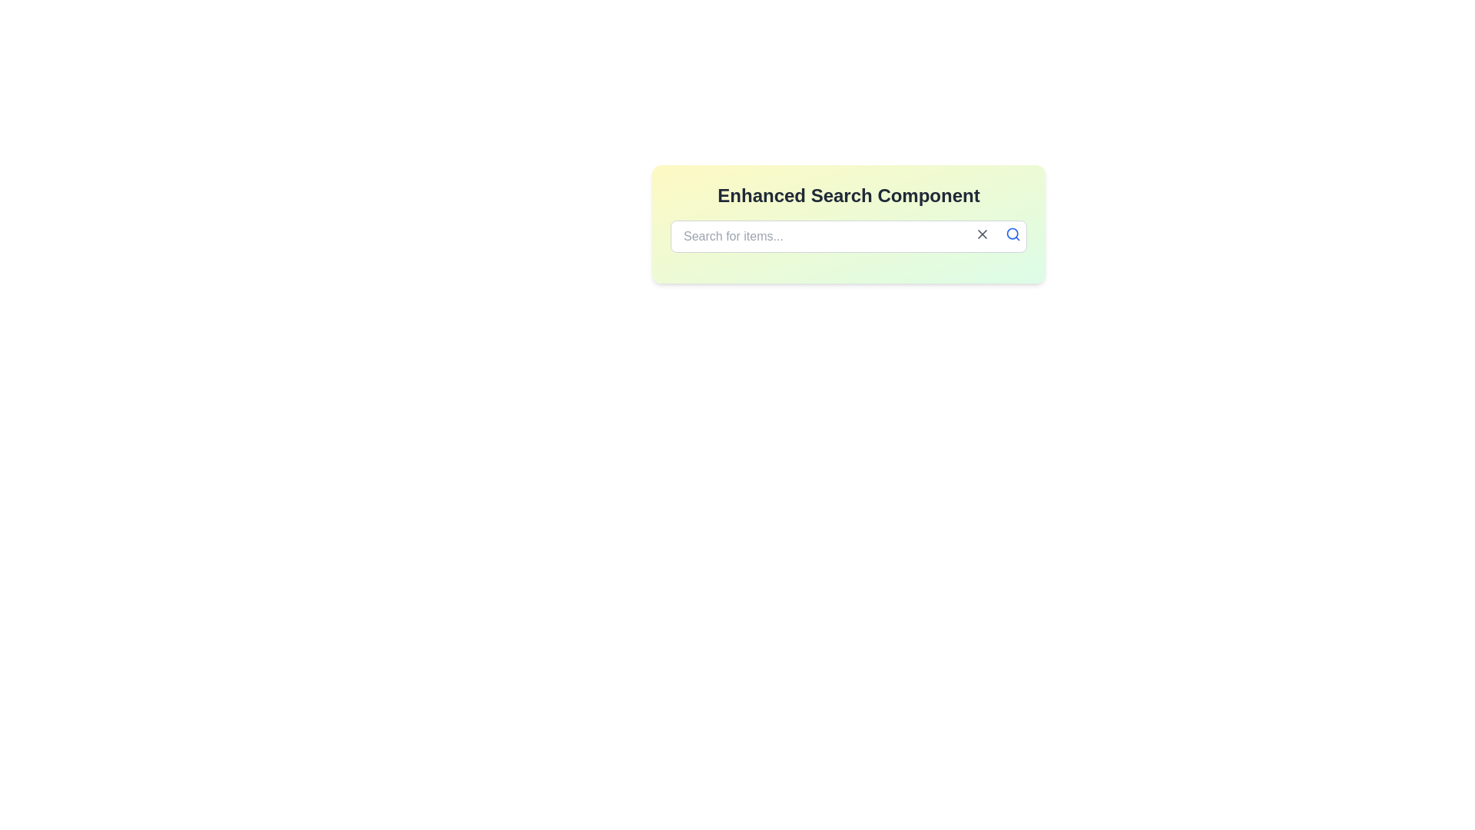 Image resolution: width=1475 pixels, height=830 pixels. Describe the element at coordinates (981, 234) in the screenshot. I see `the clear or reset button` at that location.